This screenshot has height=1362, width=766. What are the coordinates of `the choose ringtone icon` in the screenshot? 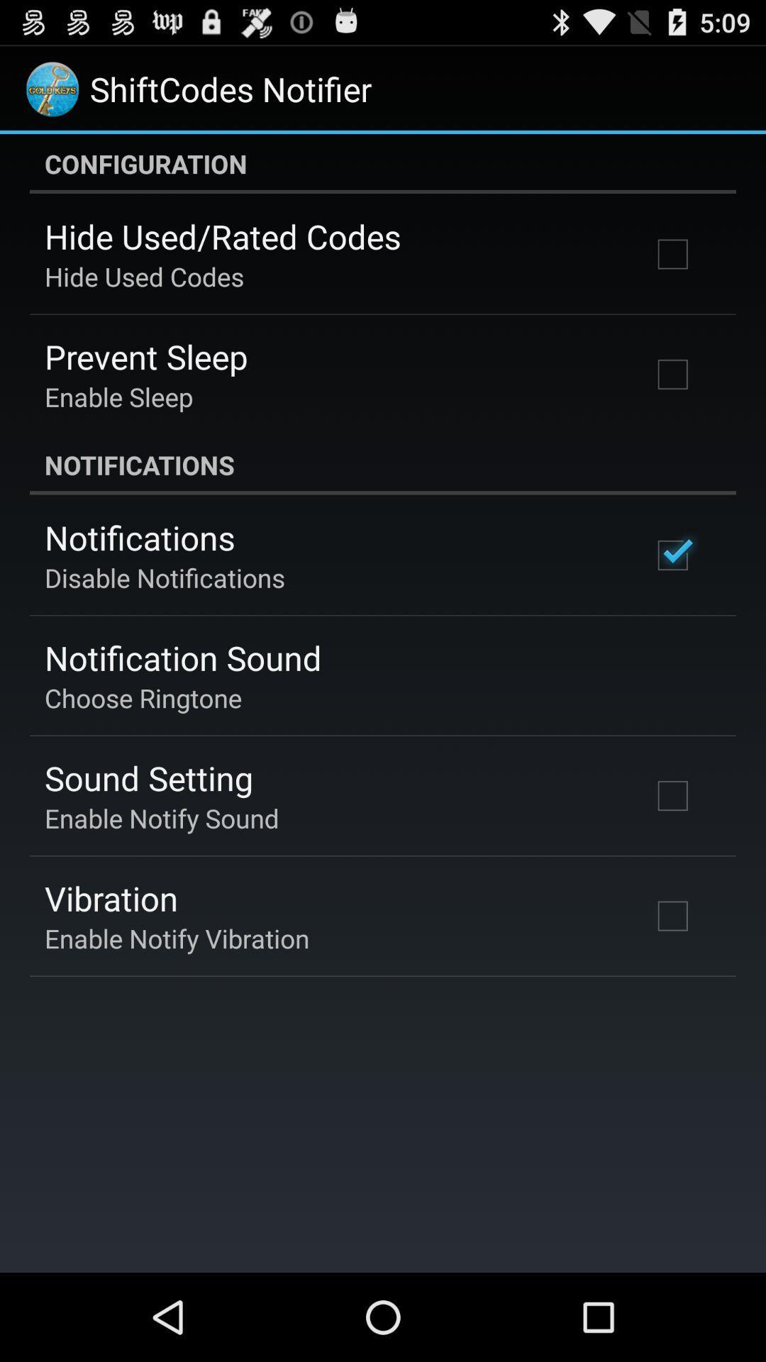 It's located at (143, 697).